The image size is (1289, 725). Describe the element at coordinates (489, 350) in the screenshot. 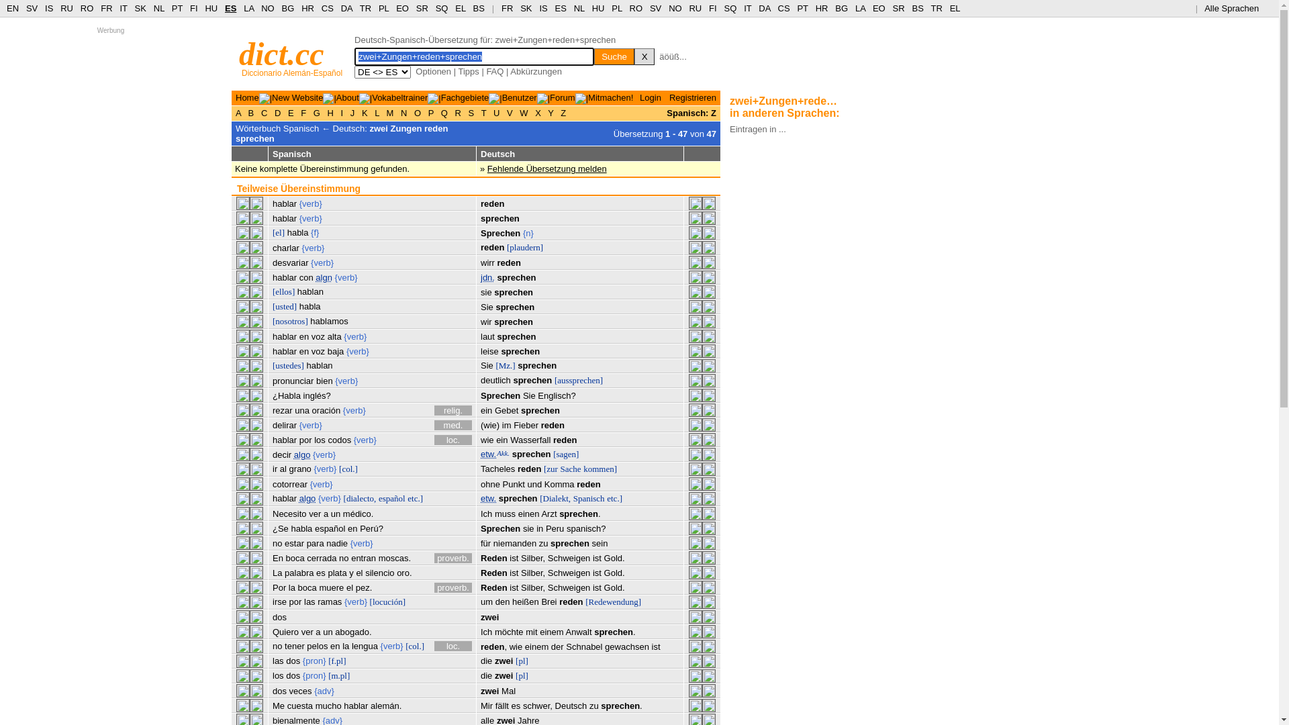

I see `'leise'` at that location.